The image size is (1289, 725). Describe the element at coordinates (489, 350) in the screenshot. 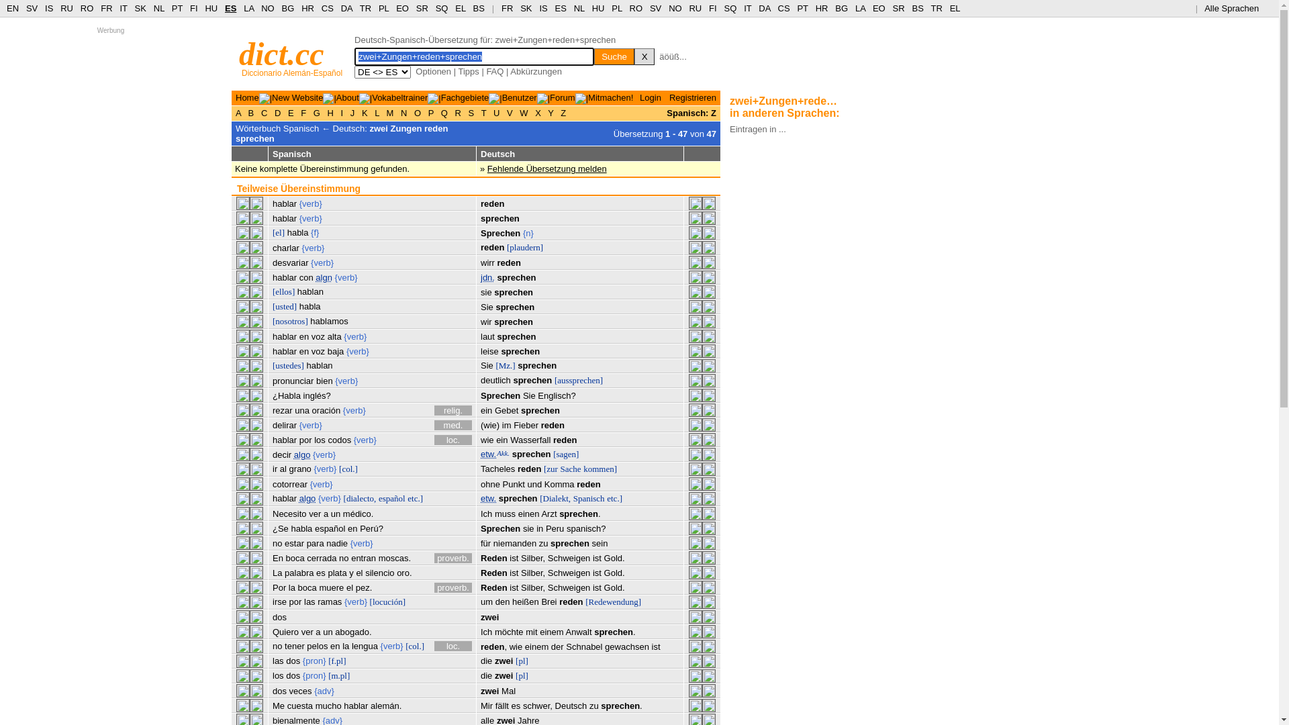

I see `'leise'` at that location.